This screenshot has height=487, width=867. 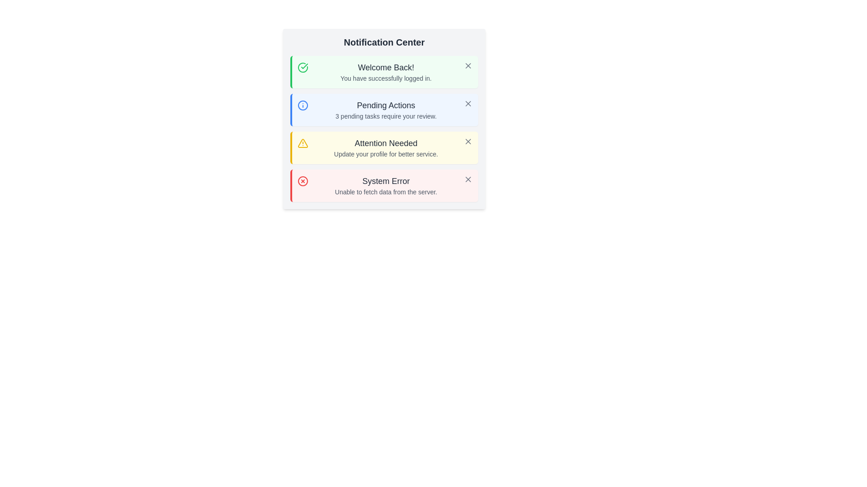 I want to click on text element styled with a small font size and gray color containing the message 'Update your profile for better service.' located in the third notification card under the 'Attention Needed' header, so click(x=386, y=154).